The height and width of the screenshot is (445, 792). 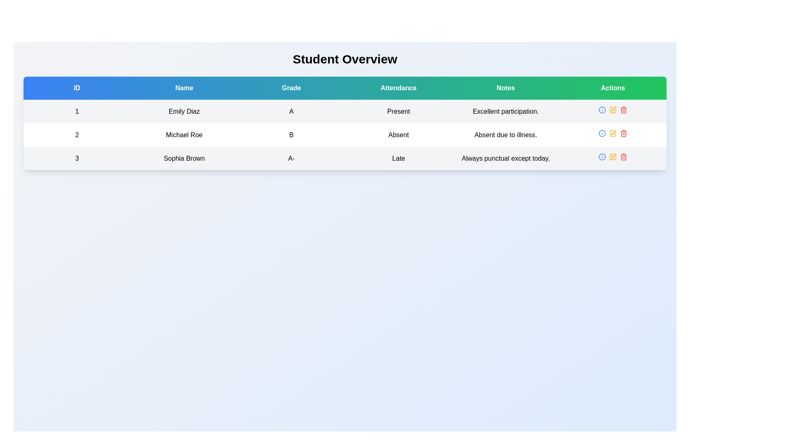 I want to click on the 'Attendance' text label, which is styled in white font on a teal-green rectangular background, located in the table header row, fourth from the left, so click(x=398, y=88).